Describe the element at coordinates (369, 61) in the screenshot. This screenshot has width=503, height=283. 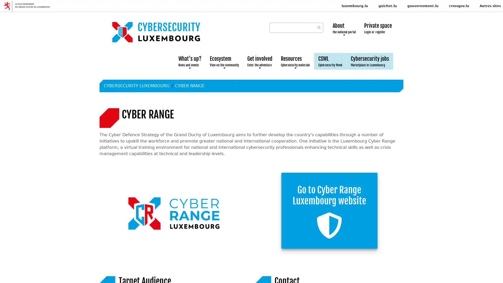
I see `Cybersecurity jobs Marketplace in Luxembourg` at that location.